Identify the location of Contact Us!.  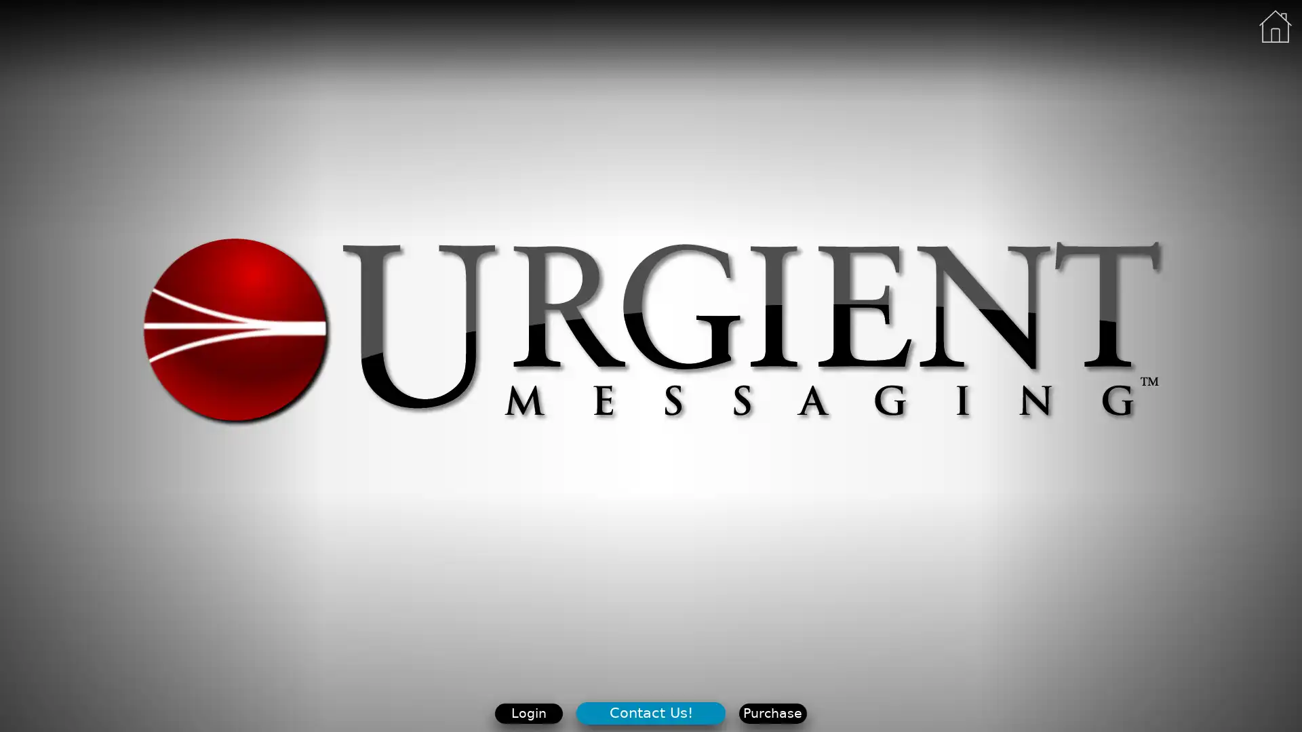
(650, 712).